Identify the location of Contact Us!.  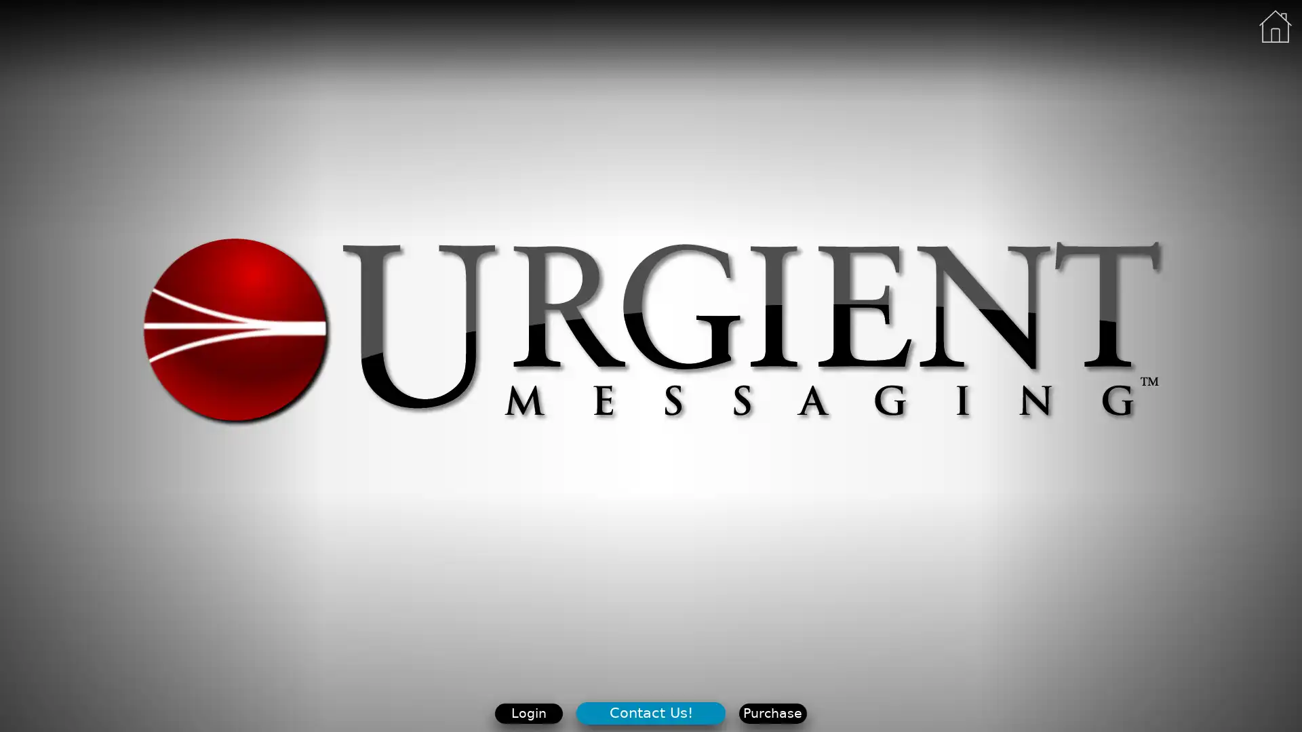
(650, 712).